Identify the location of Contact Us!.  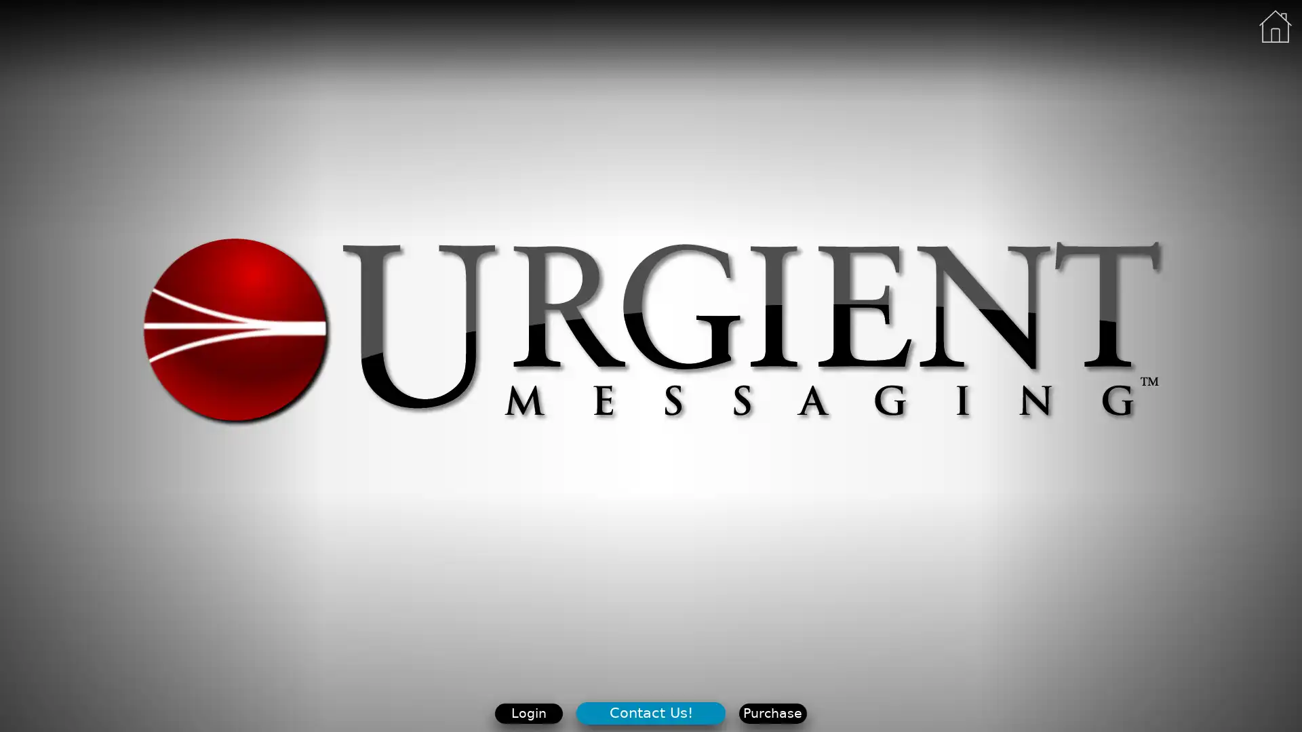
(650, 712).